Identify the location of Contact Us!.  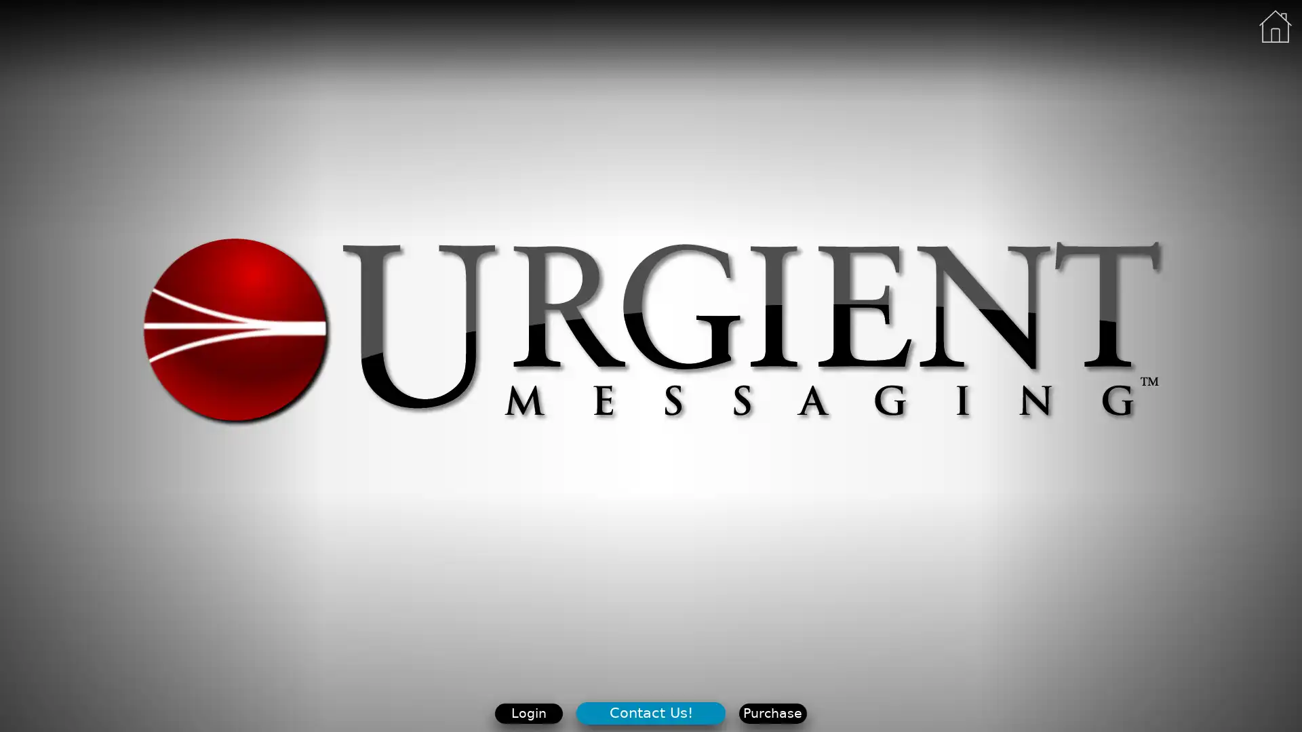
(650, 712).